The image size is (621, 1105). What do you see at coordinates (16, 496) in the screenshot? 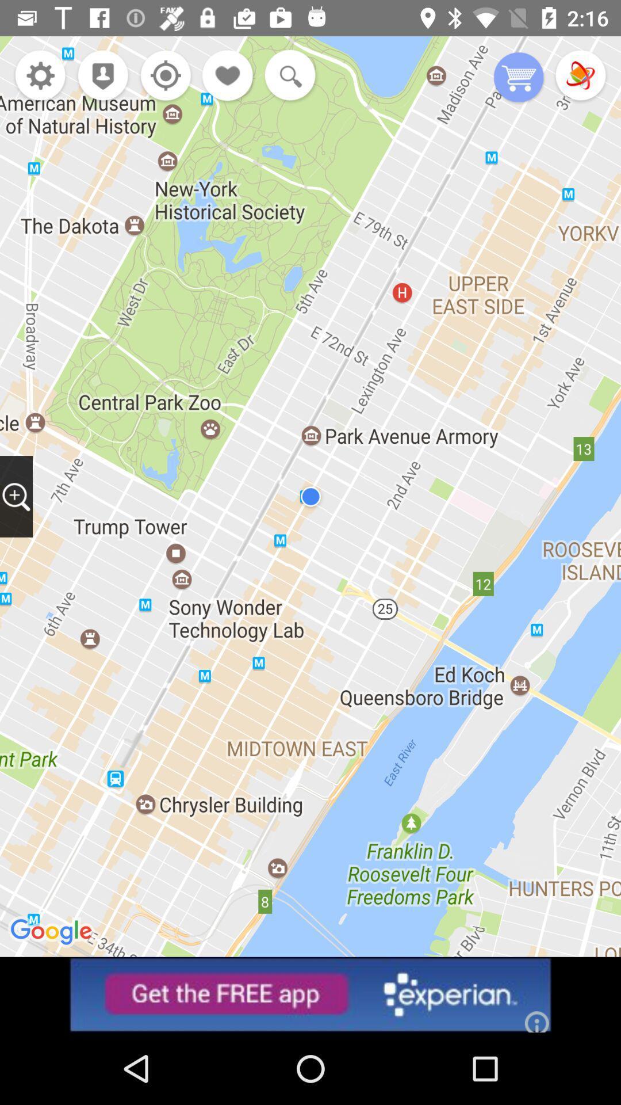
I see `zooming the location` at bounding box center [16, 496].